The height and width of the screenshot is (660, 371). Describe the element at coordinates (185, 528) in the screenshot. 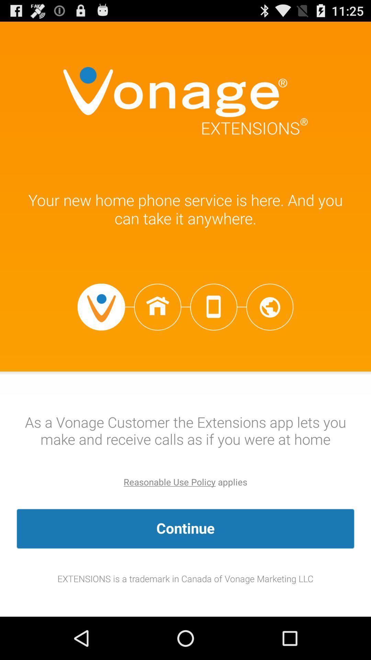

I see `continue item` at that location.